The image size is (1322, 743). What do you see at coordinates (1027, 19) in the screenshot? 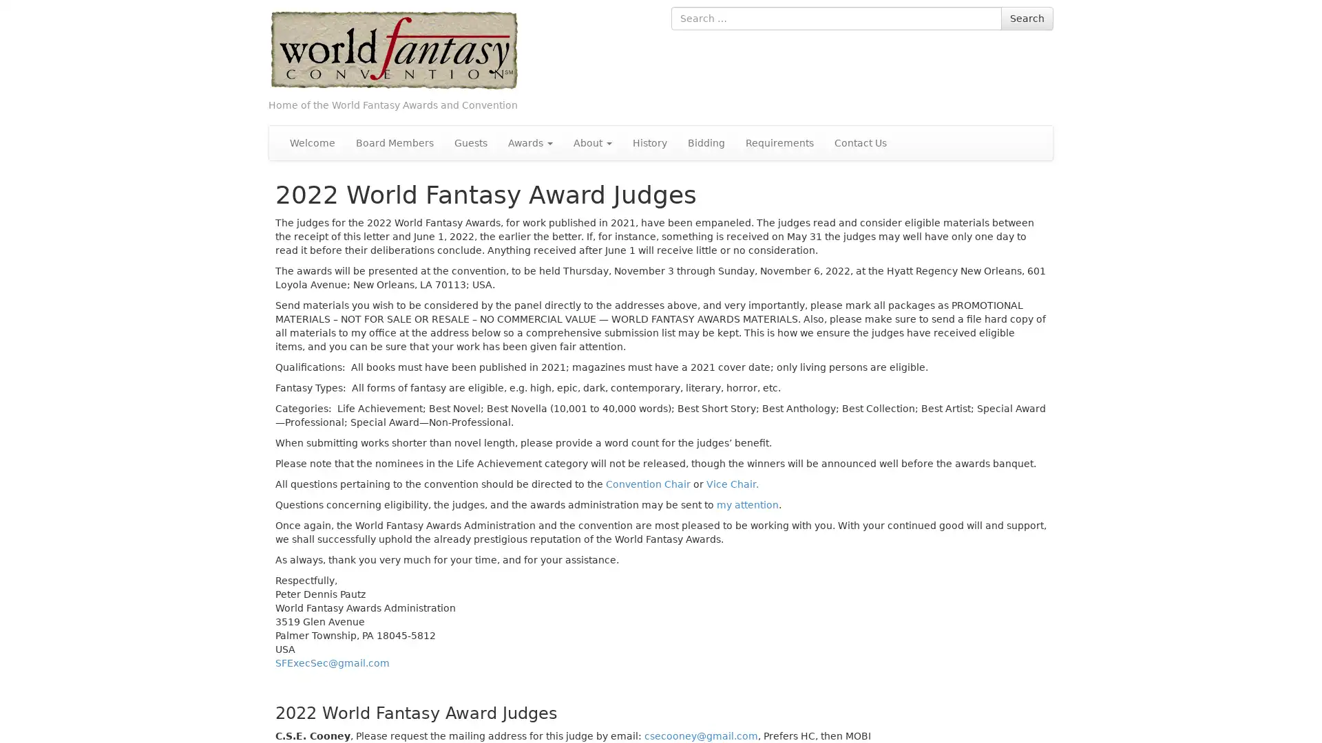
I see `Search` at bounding box center [1027, 19].